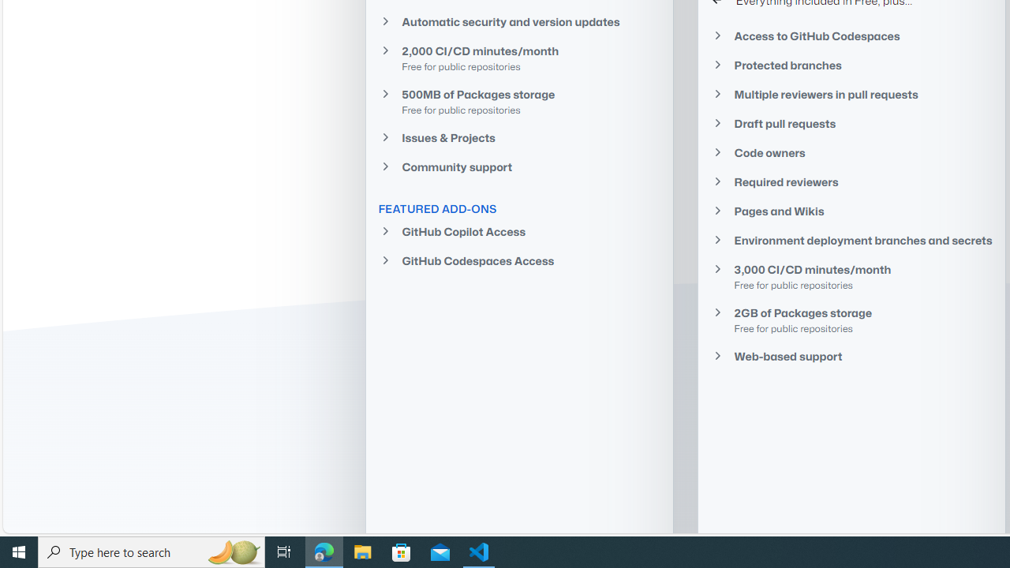  I want to click on 'Protected branches', so click(851, 65).